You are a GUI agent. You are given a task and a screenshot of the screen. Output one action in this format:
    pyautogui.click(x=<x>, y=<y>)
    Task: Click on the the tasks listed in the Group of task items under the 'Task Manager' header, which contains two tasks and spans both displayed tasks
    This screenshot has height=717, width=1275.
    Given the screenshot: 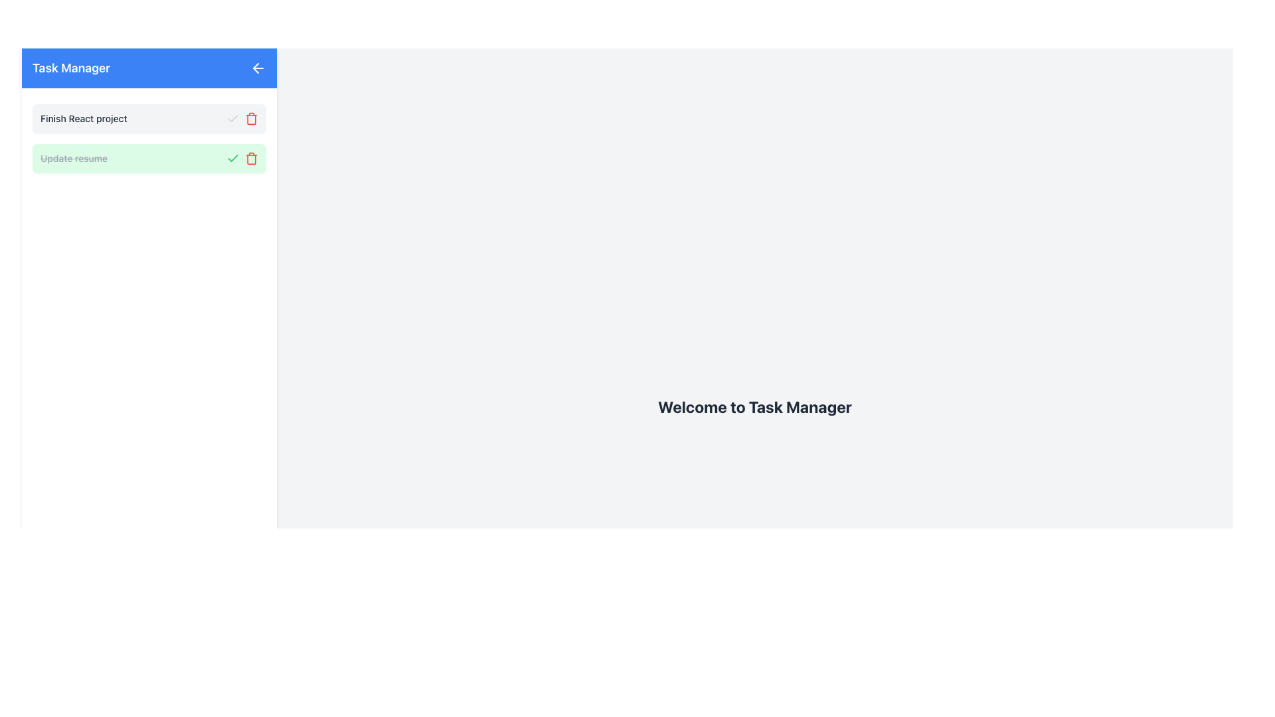 What is the action you would take?
    pyautogui.click(x=149, y=138)
    